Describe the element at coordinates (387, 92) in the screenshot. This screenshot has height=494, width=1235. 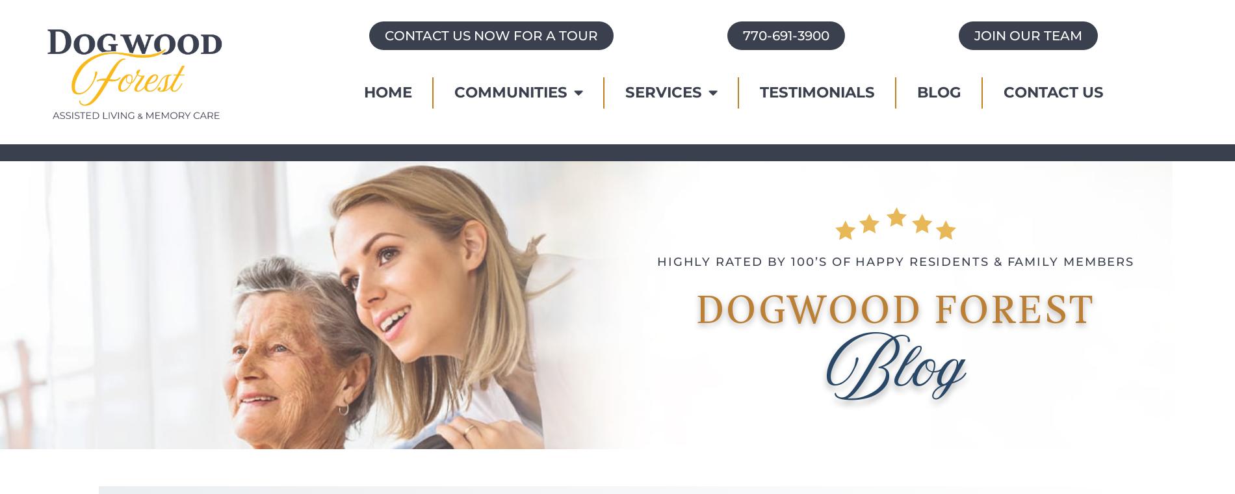
I see `'Home'` at that location.